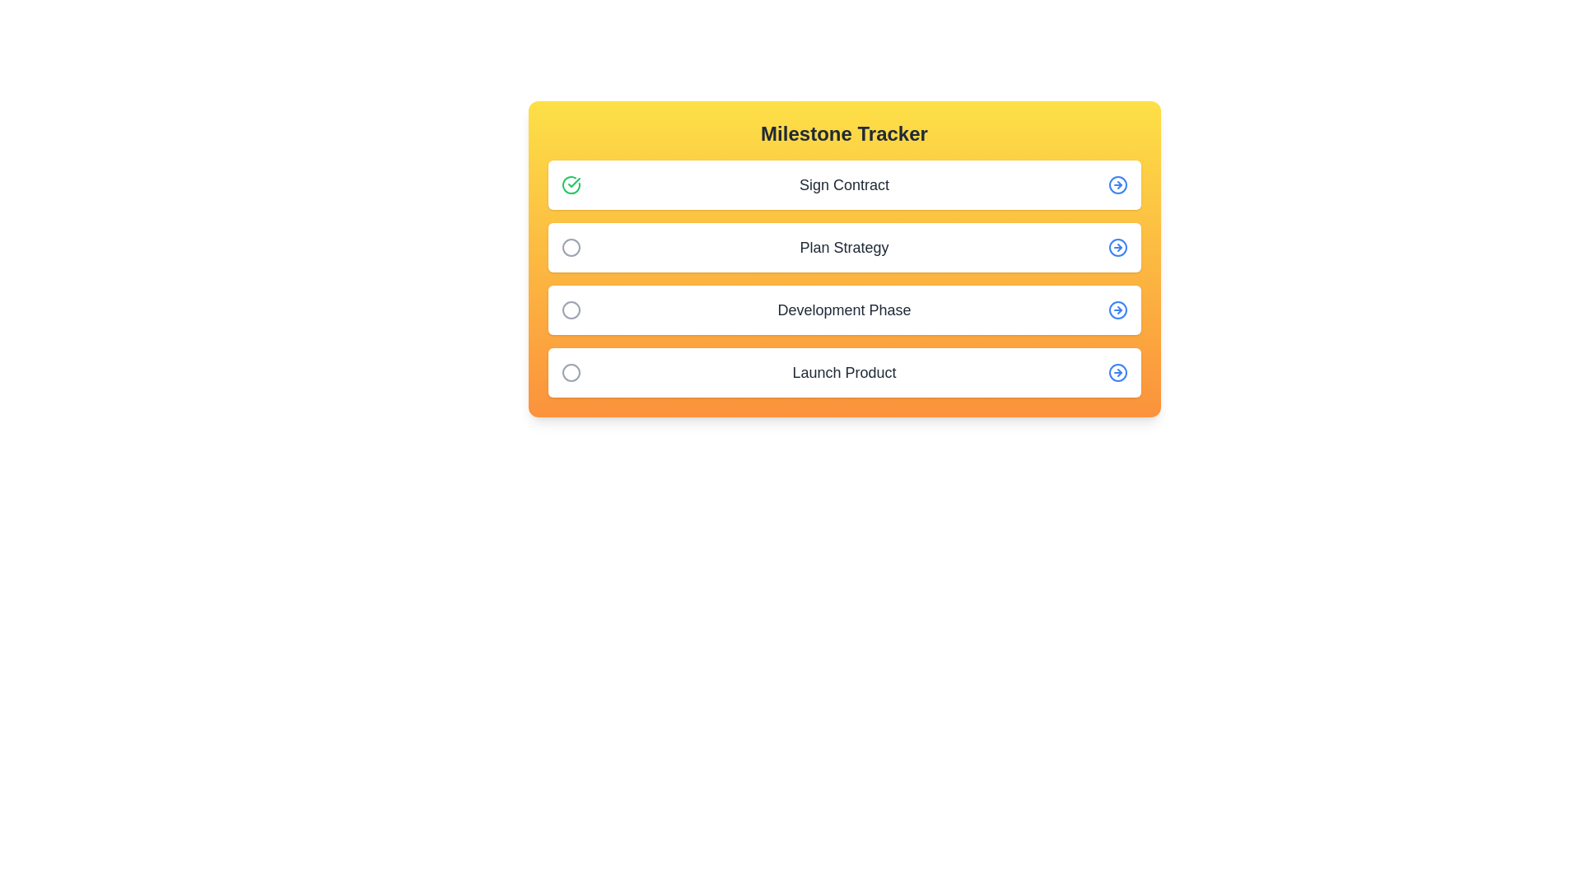 The width and height of the screenshot is (1581, 889). I want to click on the SVG circle element that visually represents the state of the 'Launch Product' milestone, located in the last row of the milestone tracker, directly preceding the text 'Launch Product', so click(571, 372).